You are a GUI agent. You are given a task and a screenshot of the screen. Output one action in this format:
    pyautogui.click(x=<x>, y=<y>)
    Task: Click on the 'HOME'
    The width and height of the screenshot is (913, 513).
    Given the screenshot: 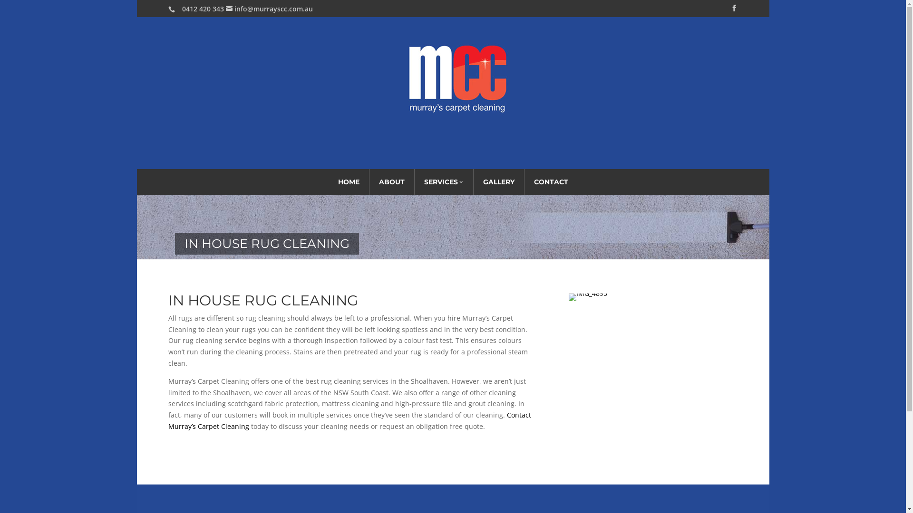 What is the action you would take?
    pyautogui.click(x=348, y=181)
    